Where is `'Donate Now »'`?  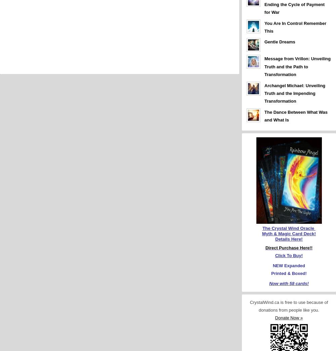 'Donate Now »' is located at coordinates (288, 317).